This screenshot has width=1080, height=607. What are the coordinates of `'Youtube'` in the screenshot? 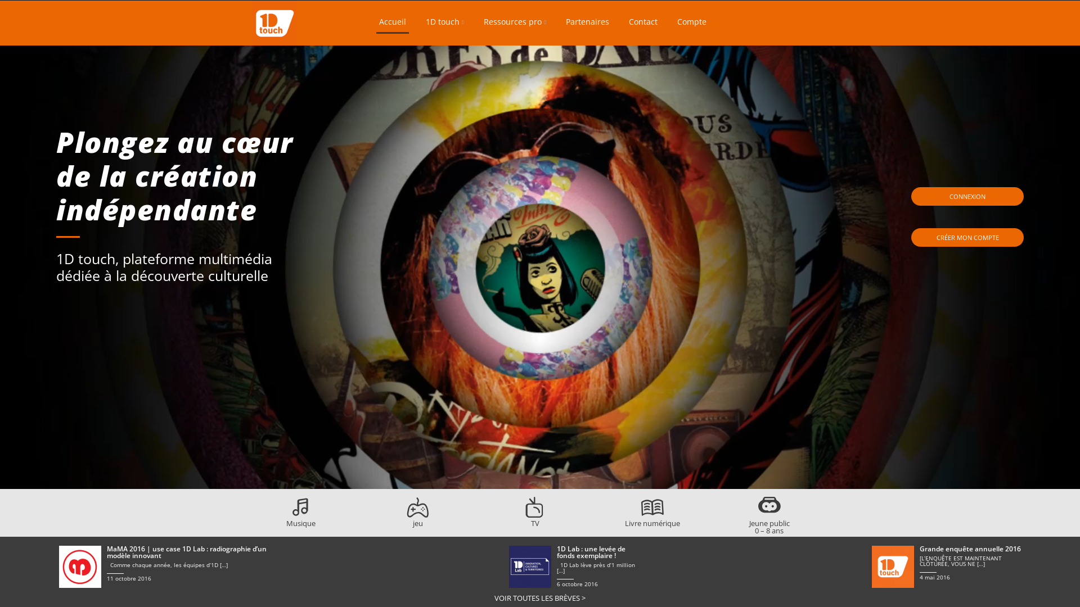 It's located at (793, 21).